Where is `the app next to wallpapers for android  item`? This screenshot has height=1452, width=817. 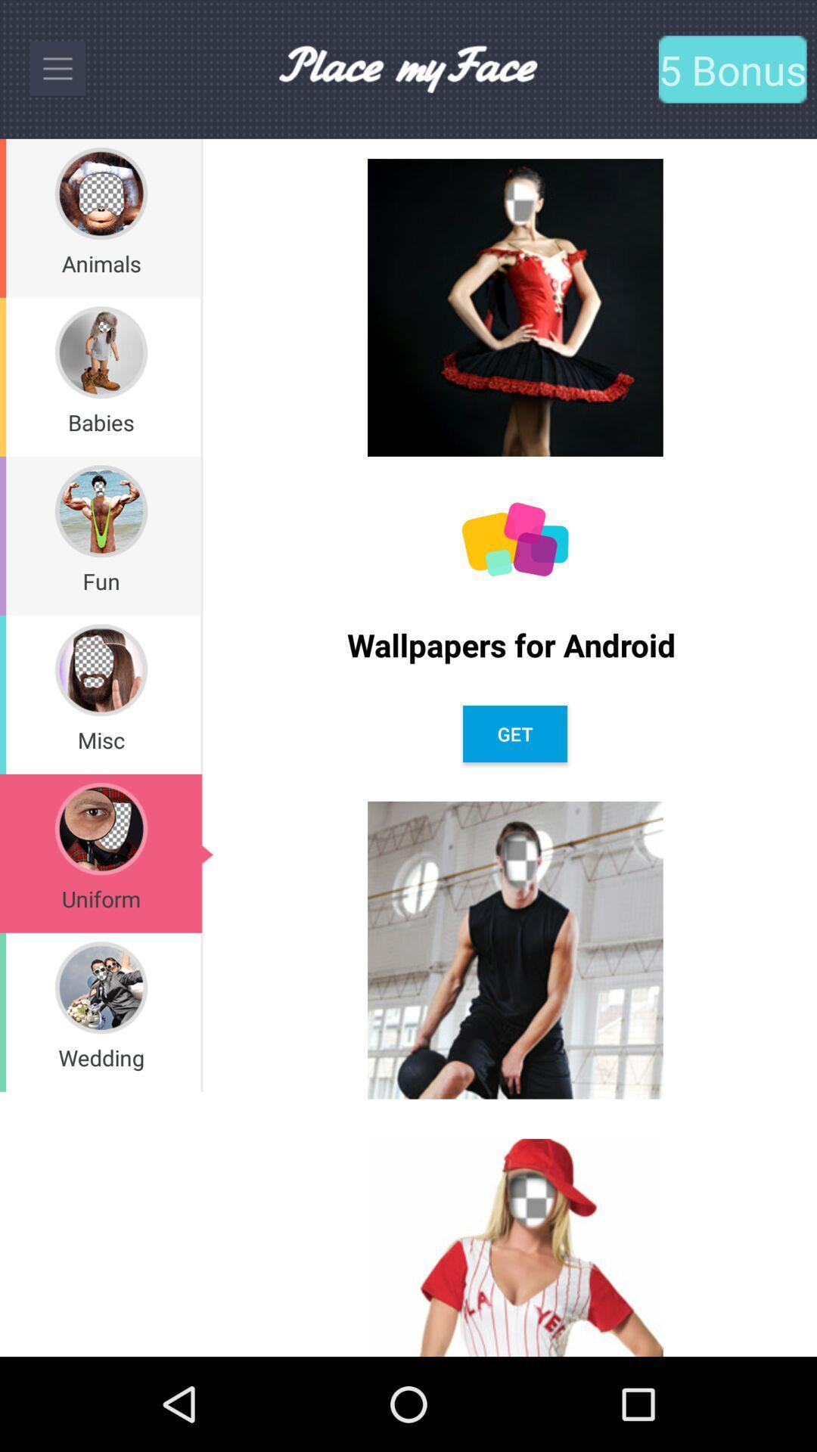
the app next to wallpapers for android  item is located at coordinates (200, 535).